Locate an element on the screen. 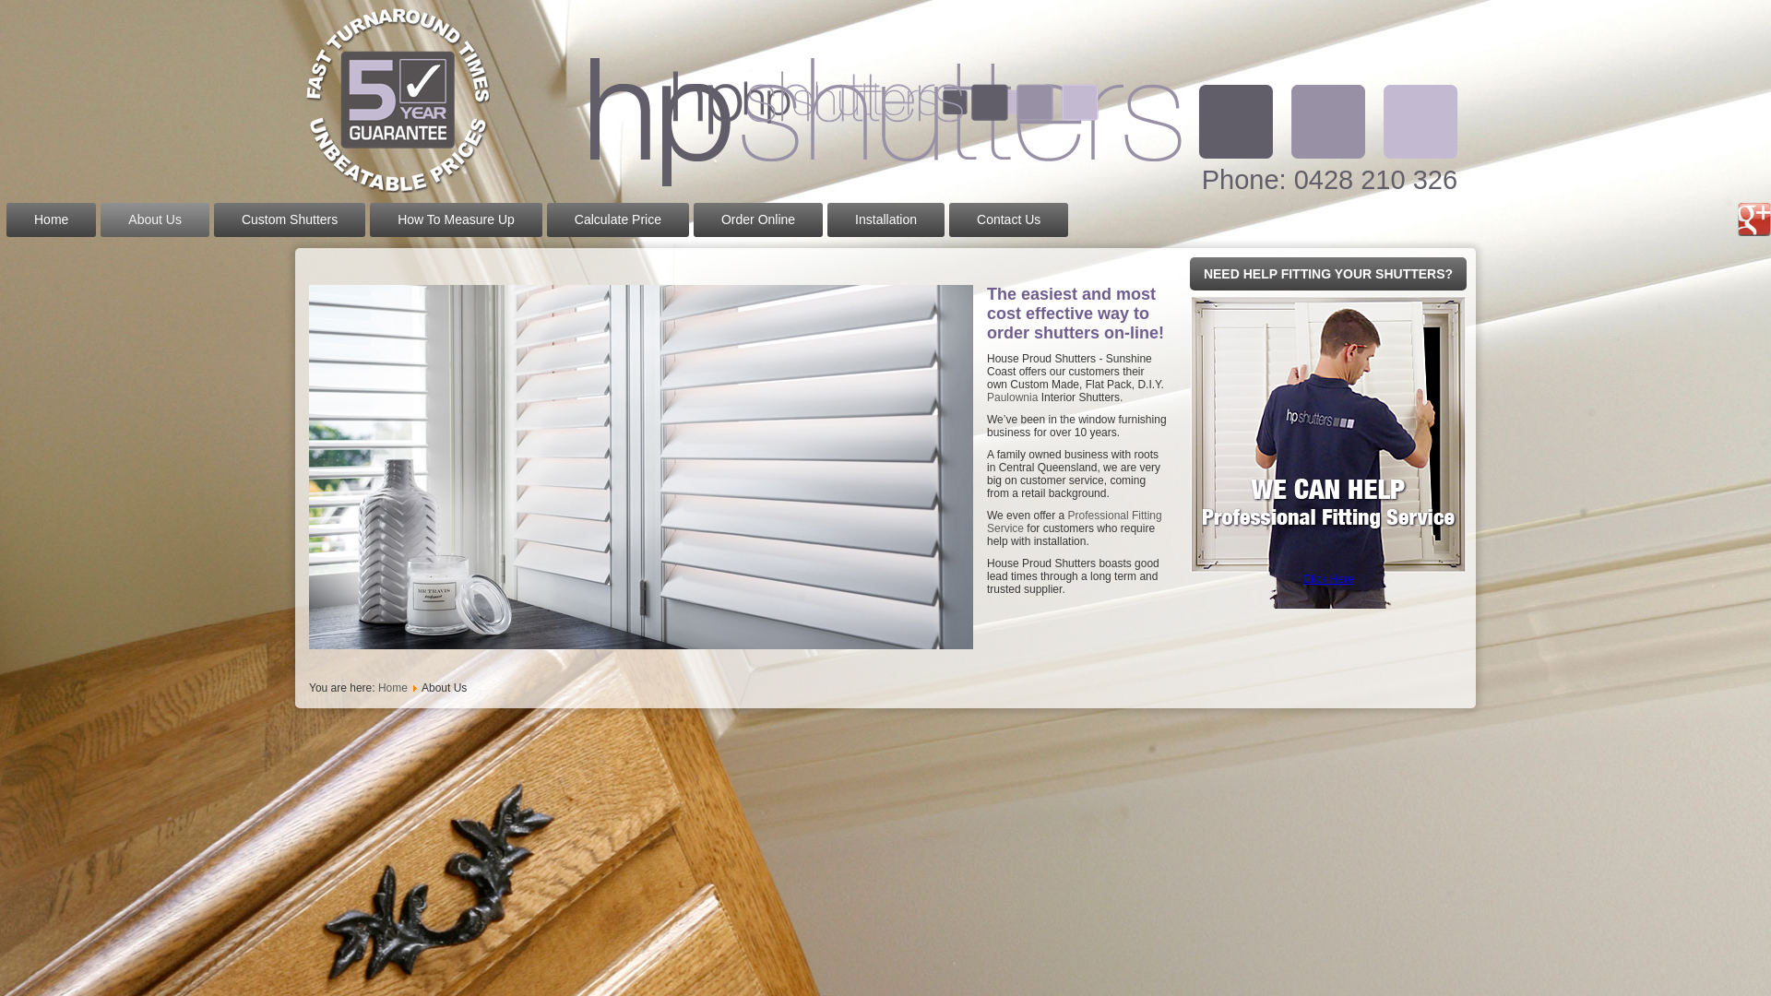 Image resolution: width=1771 pixels, height=996 pixels. 'About Us' is located at coordinates (100, 219).